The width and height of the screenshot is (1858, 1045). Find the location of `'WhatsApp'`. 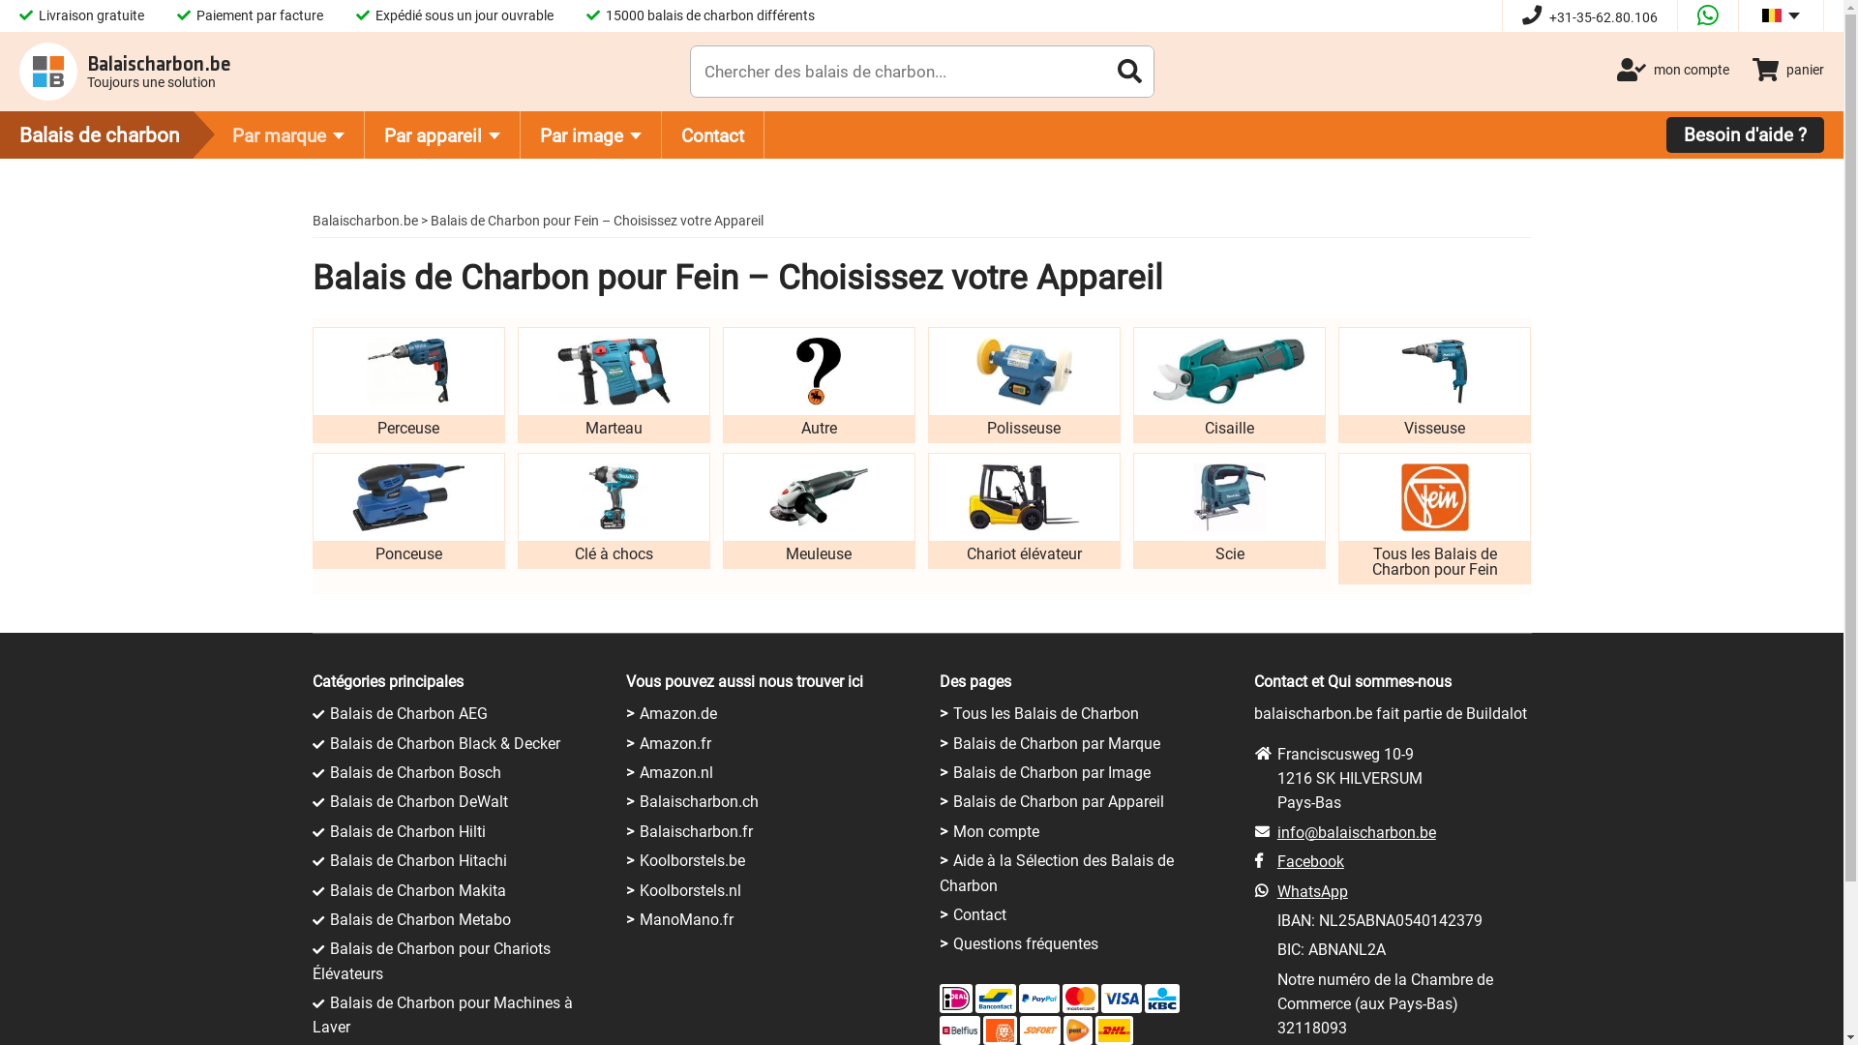

'WhatsApp' is located at coordinates (1312, 891).